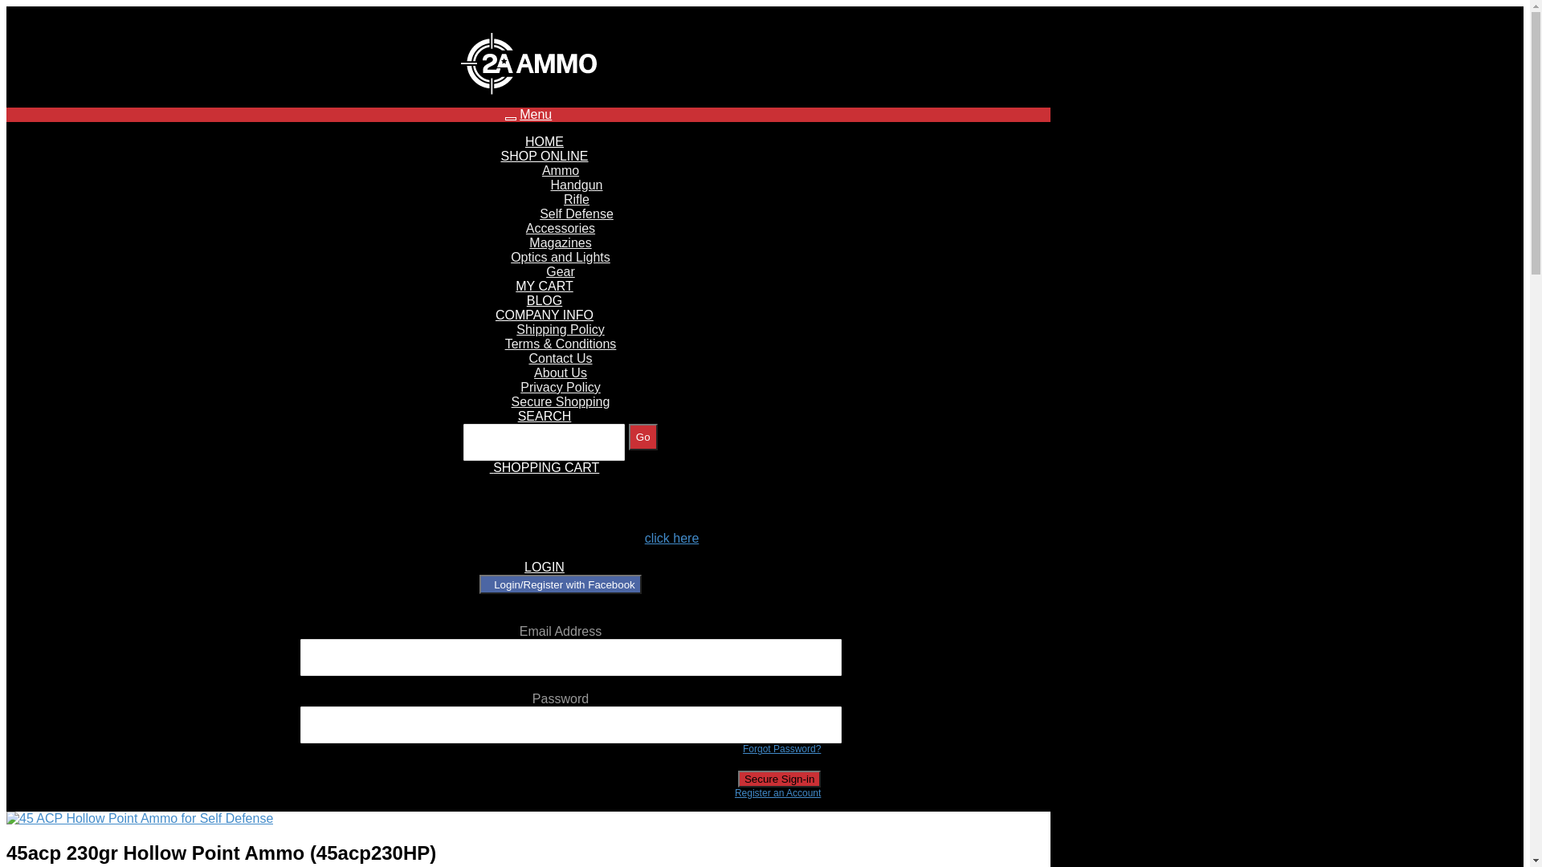  I want to click on 'About Us', so click(560, 372).